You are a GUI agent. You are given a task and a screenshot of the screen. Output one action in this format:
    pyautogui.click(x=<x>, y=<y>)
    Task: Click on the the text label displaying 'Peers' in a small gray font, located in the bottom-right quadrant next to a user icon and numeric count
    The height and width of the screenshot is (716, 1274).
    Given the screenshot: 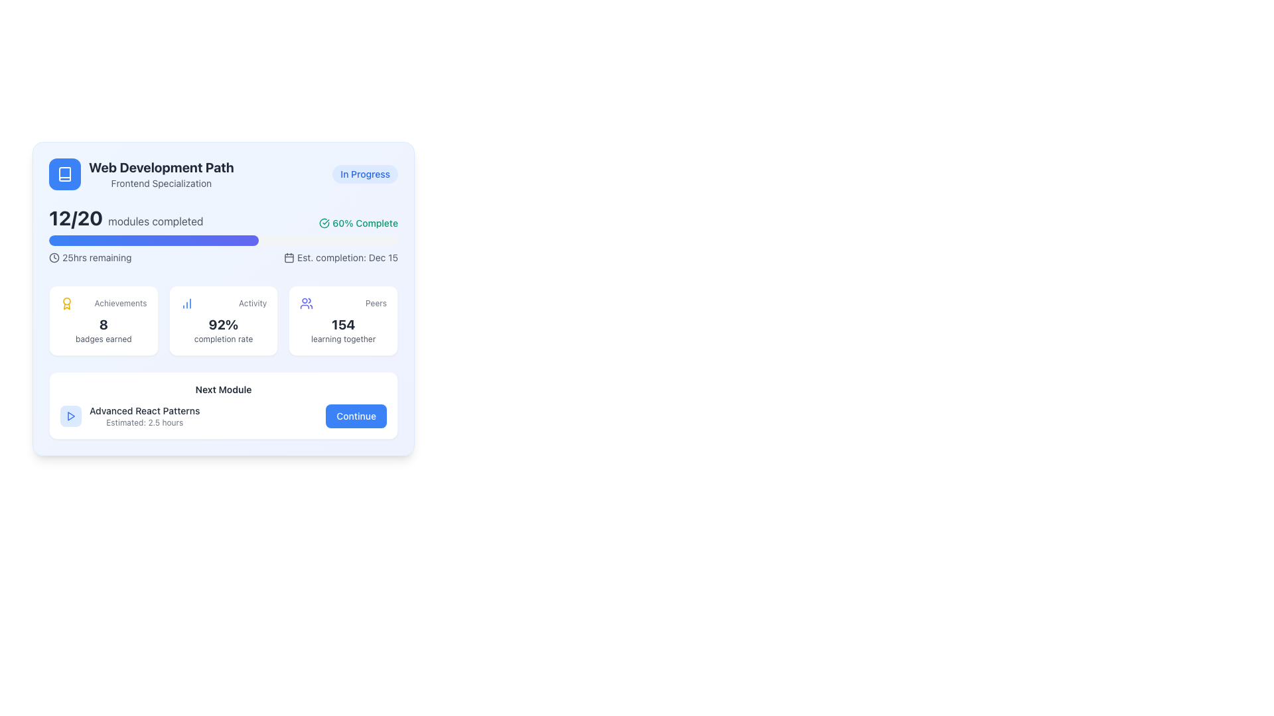 What is the action you would take?
    pyautogui.click(x=375, y=304)
    